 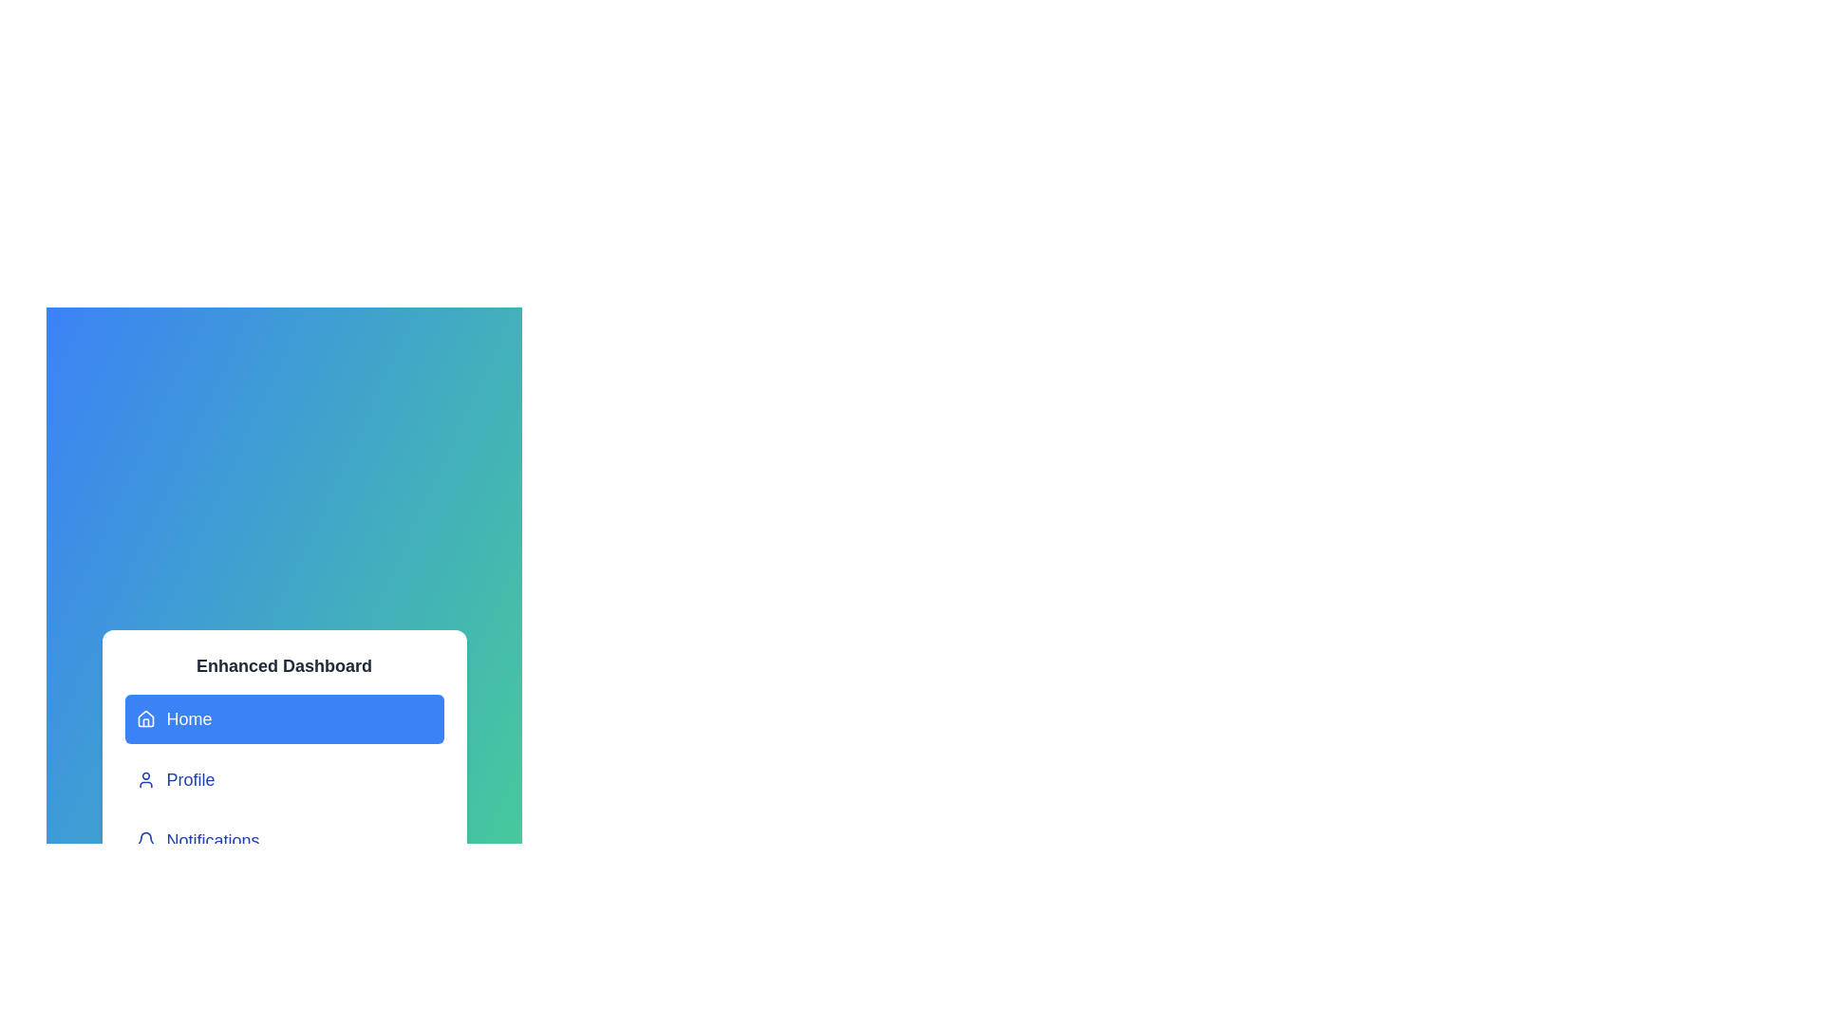 I want to click on the menu item labeled Home to navigate to it, so click(x=283, y=719).